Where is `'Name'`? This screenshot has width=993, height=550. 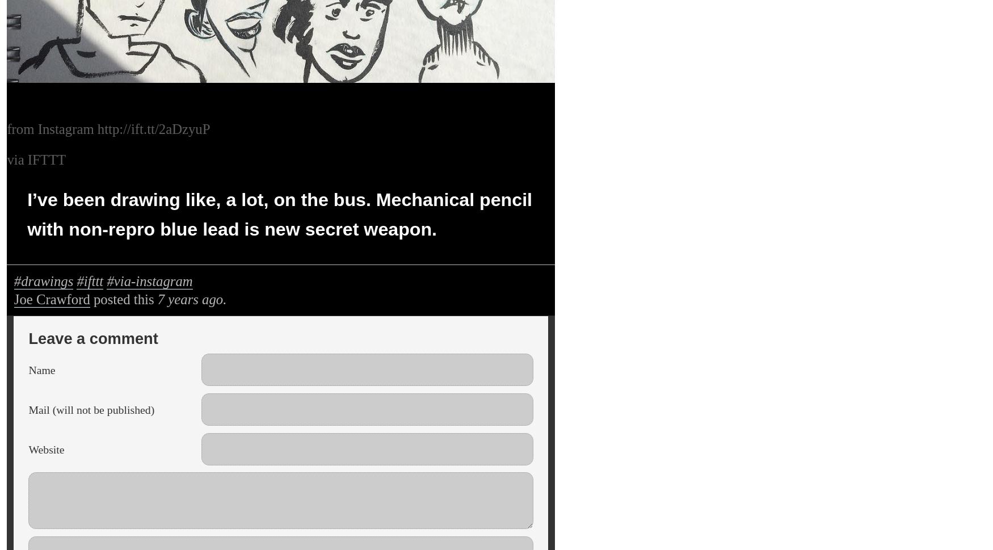 'Name' is located at coordinates (41, 370).